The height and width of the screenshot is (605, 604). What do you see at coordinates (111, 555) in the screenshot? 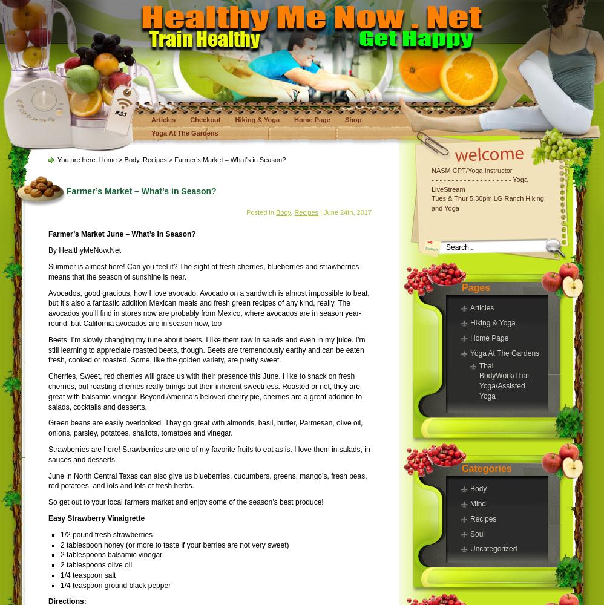
I see `'2 tablespoons balsamic vinegar'` at bounding box center [111, 555].